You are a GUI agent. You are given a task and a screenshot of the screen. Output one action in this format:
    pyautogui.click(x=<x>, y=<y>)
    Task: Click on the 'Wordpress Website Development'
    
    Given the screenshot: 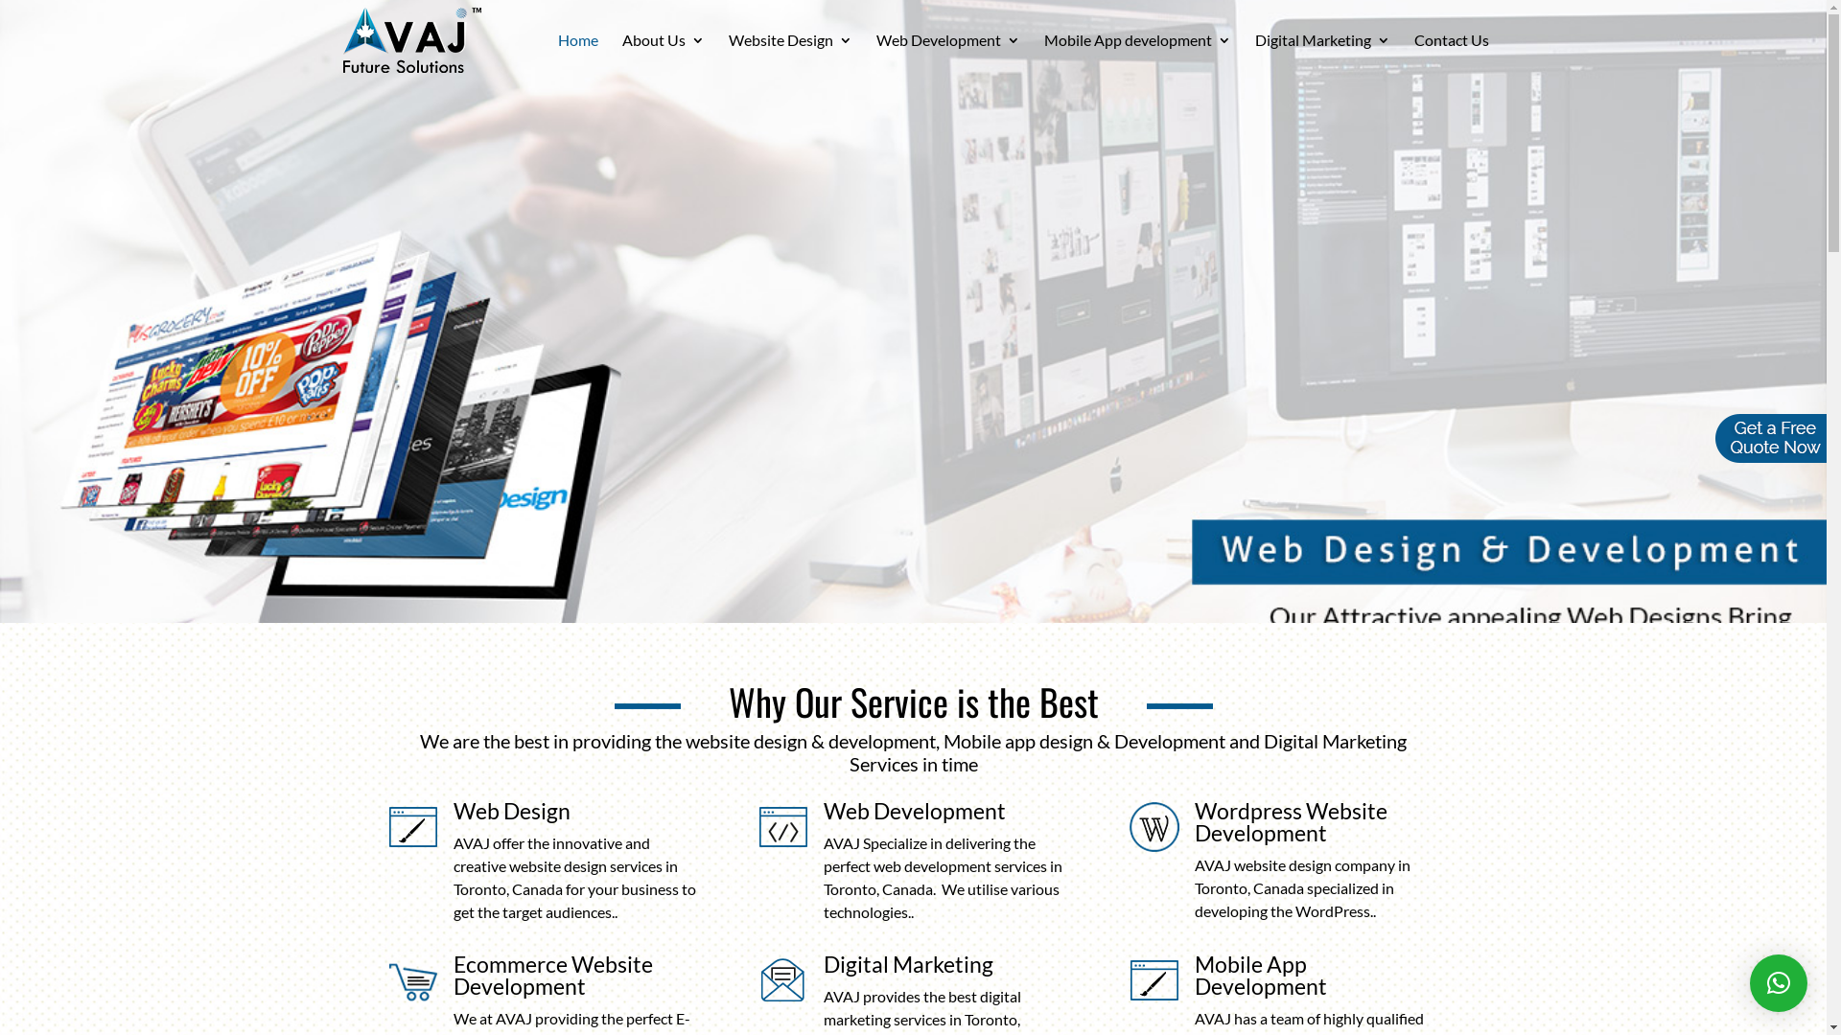 What is the action you would take?
    pyautogui.click(x=1194, y=820)
    